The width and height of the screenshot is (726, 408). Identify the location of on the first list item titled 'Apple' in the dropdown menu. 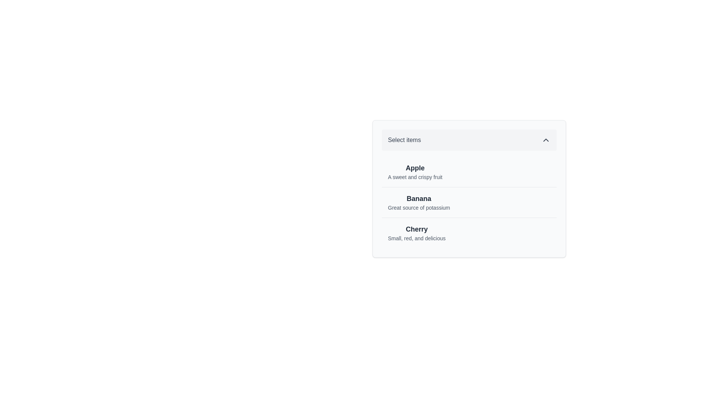
(415, 172).